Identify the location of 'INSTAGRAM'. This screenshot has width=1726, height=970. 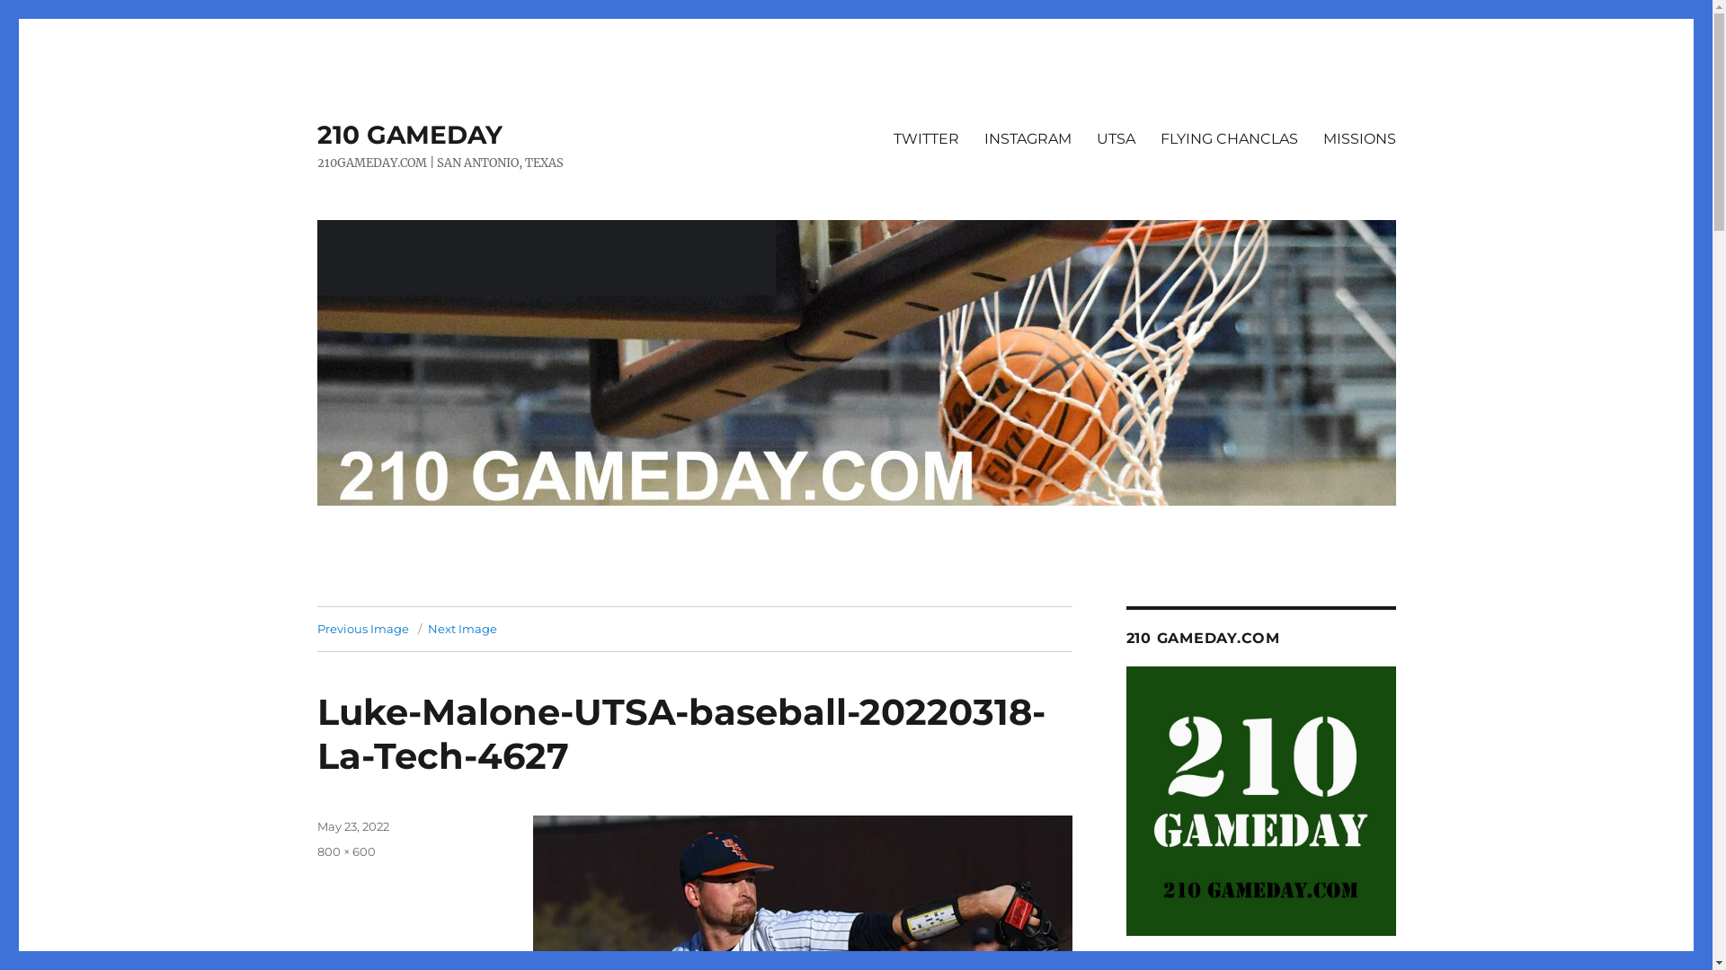
(1027, 137).